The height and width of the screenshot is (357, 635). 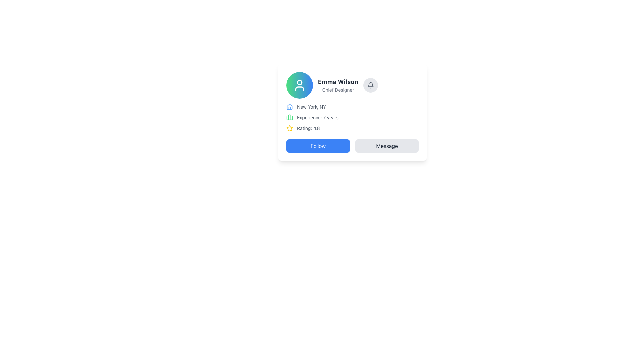 I want to click on text displayed in the Text Display element that shows the user's name and designation, which is centrally positioned in a card-like layout, to the right of the circular profile icon, so click(x=338, y=85).